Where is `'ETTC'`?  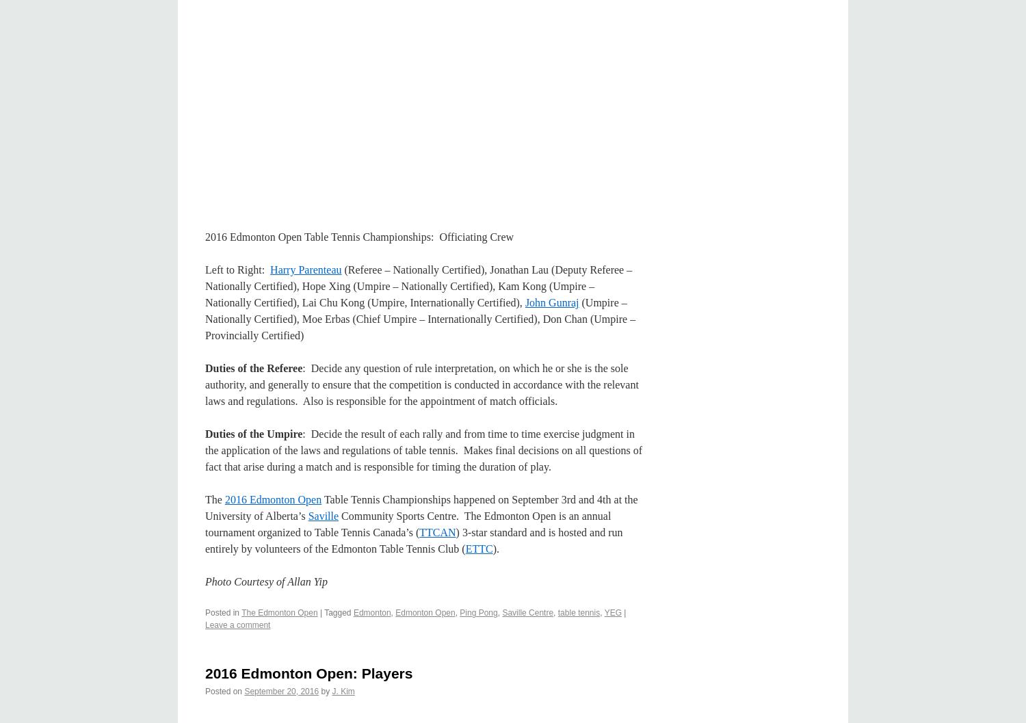 'ETTC' is located at coordinates (464, 549).